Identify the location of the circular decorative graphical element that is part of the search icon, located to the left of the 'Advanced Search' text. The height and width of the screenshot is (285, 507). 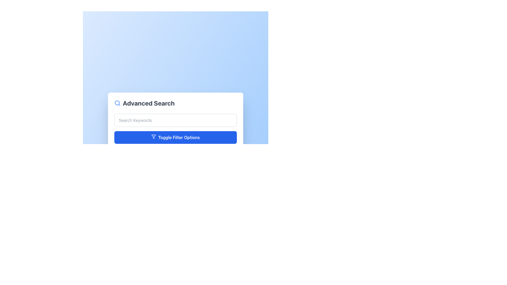
(117, 103).